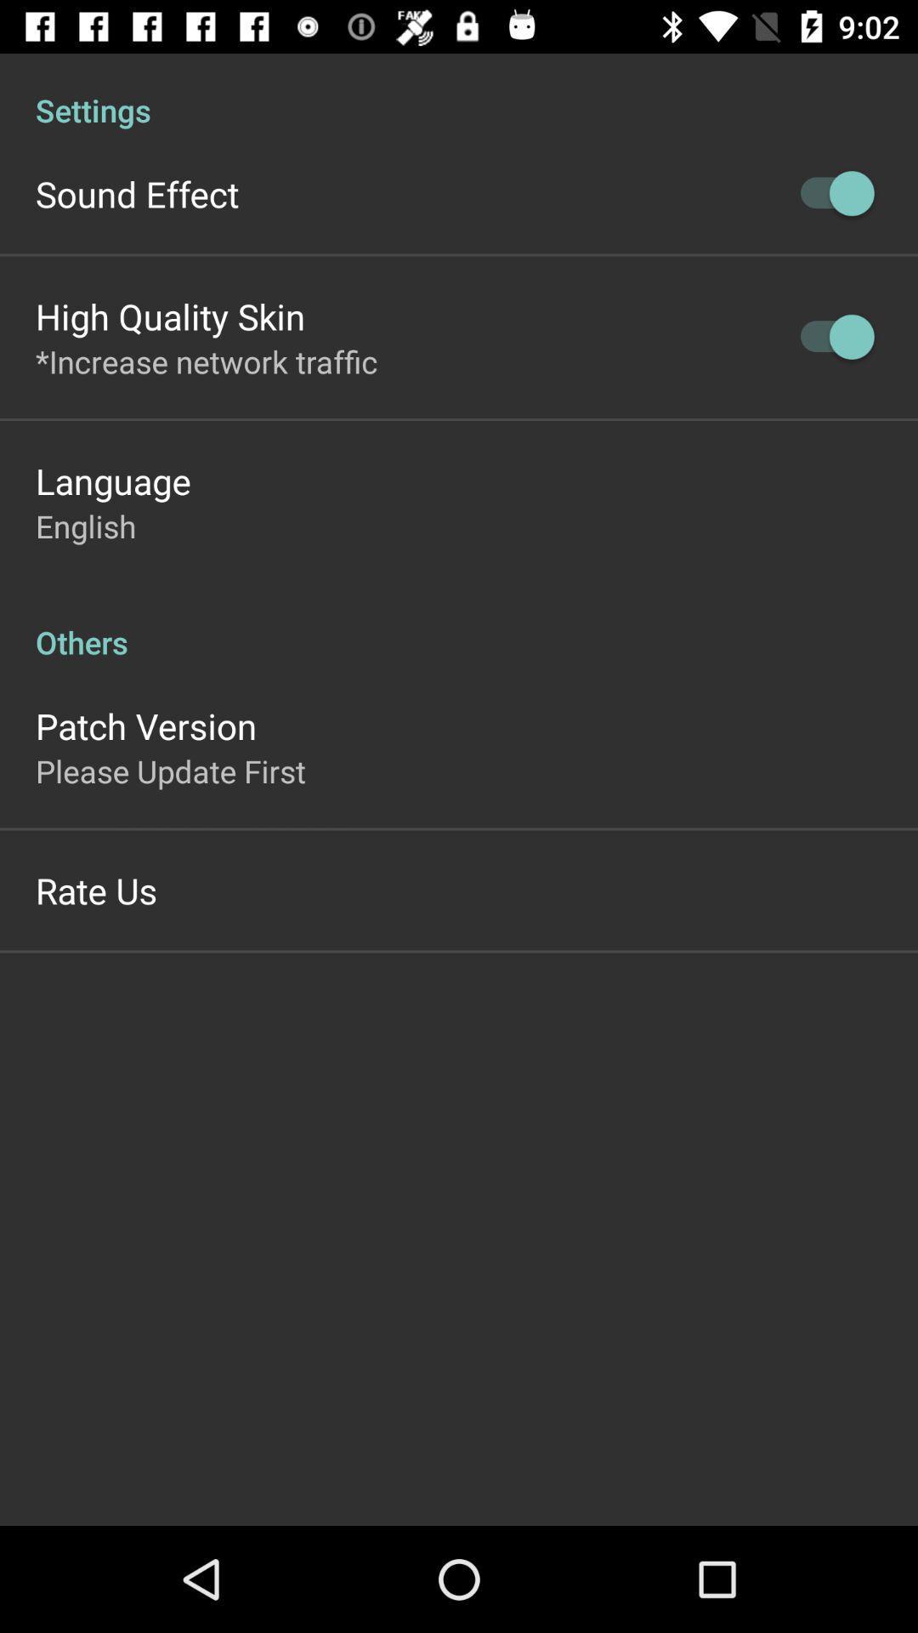 Image resolution: width=918 pixels, height=1633 pixels. What do you see at coordinates (113, 480) in the screenshot?
I see `language app` at bounding box center [113, 480].